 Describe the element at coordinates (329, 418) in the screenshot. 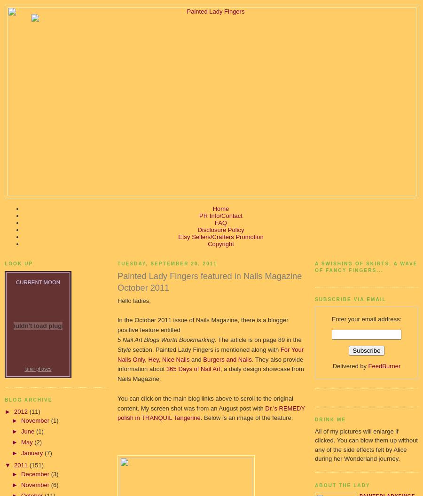

I see `'Drink Me'` at that location.